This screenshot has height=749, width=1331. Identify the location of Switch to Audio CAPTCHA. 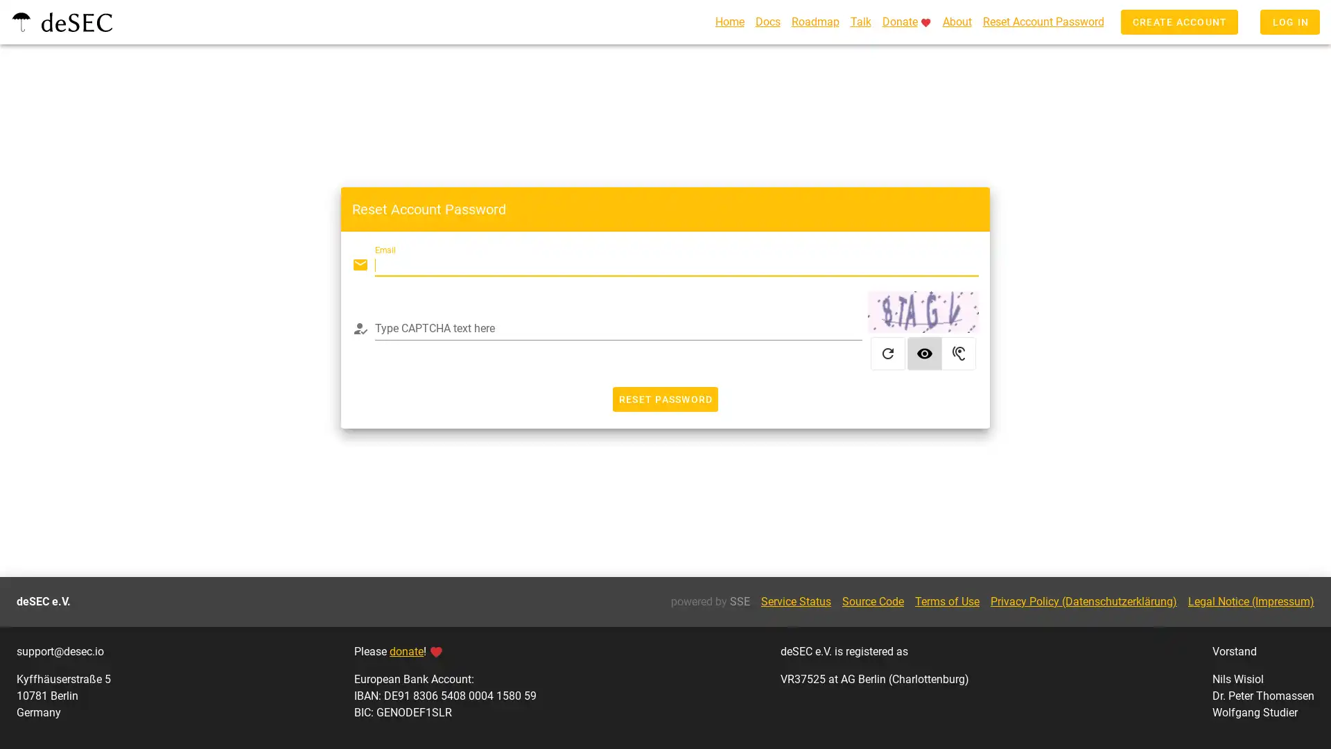
(958, 355).